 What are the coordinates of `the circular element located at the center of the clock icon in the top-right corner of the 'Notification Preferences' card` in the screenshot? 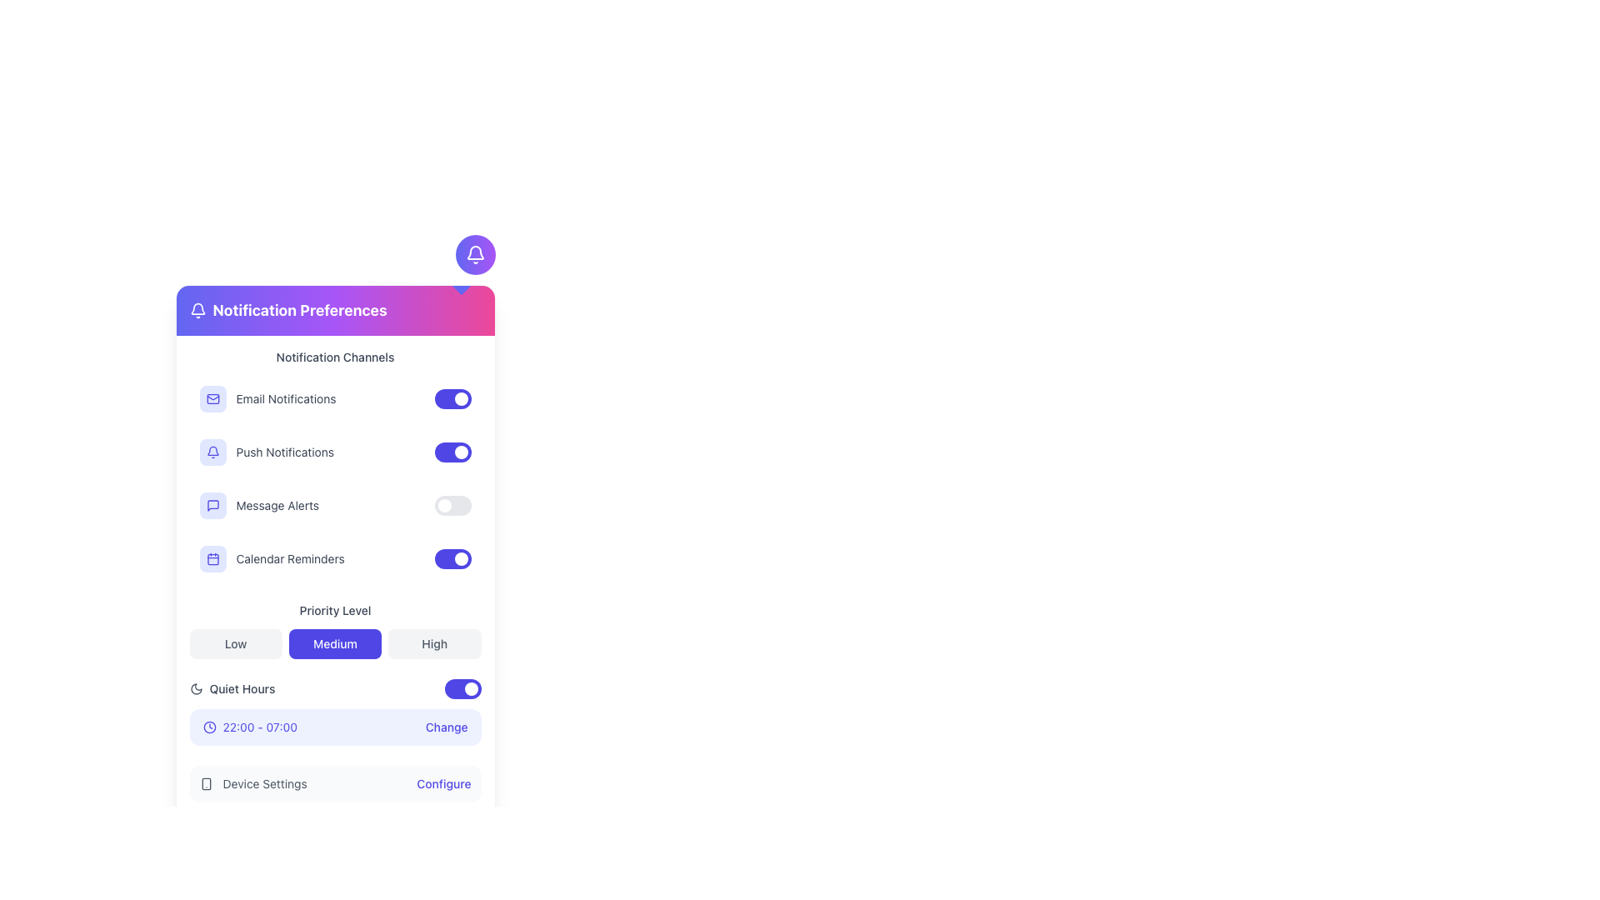 It's located at (208, 726).